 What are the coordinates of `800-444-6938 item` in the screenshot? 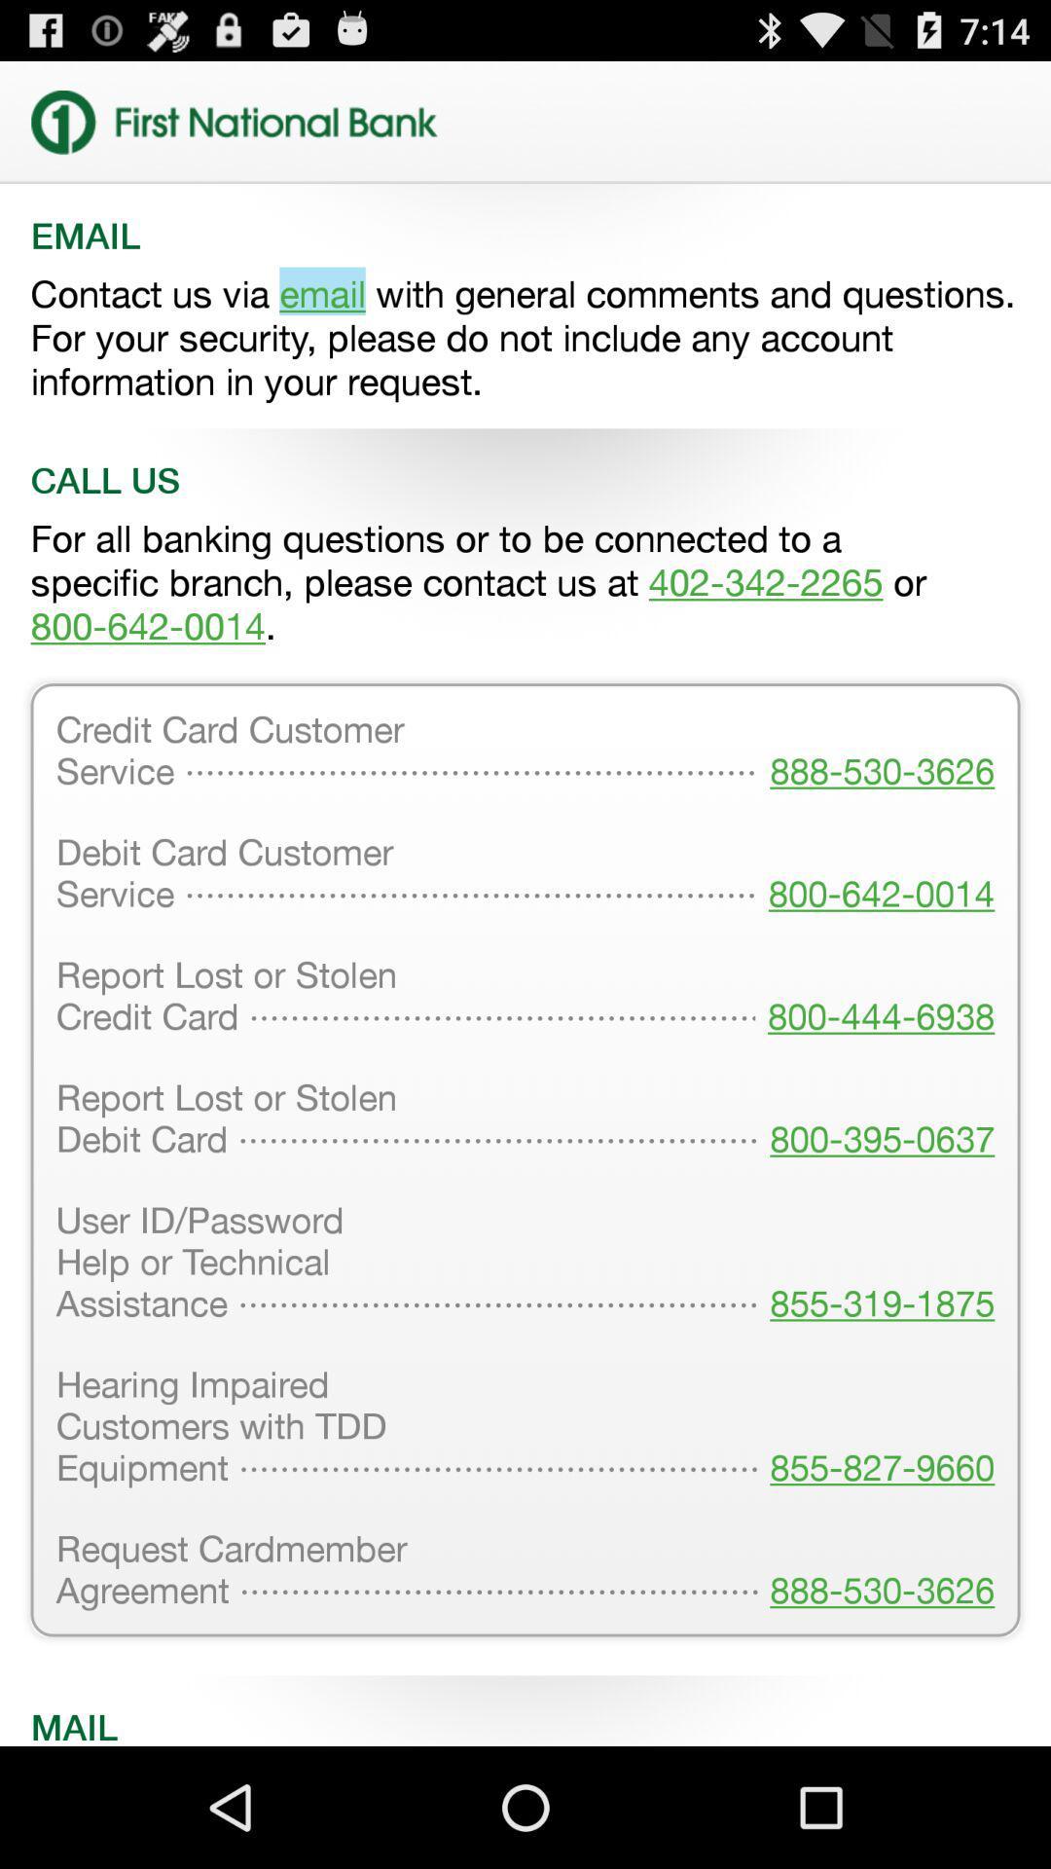 It's located at (874, 998).